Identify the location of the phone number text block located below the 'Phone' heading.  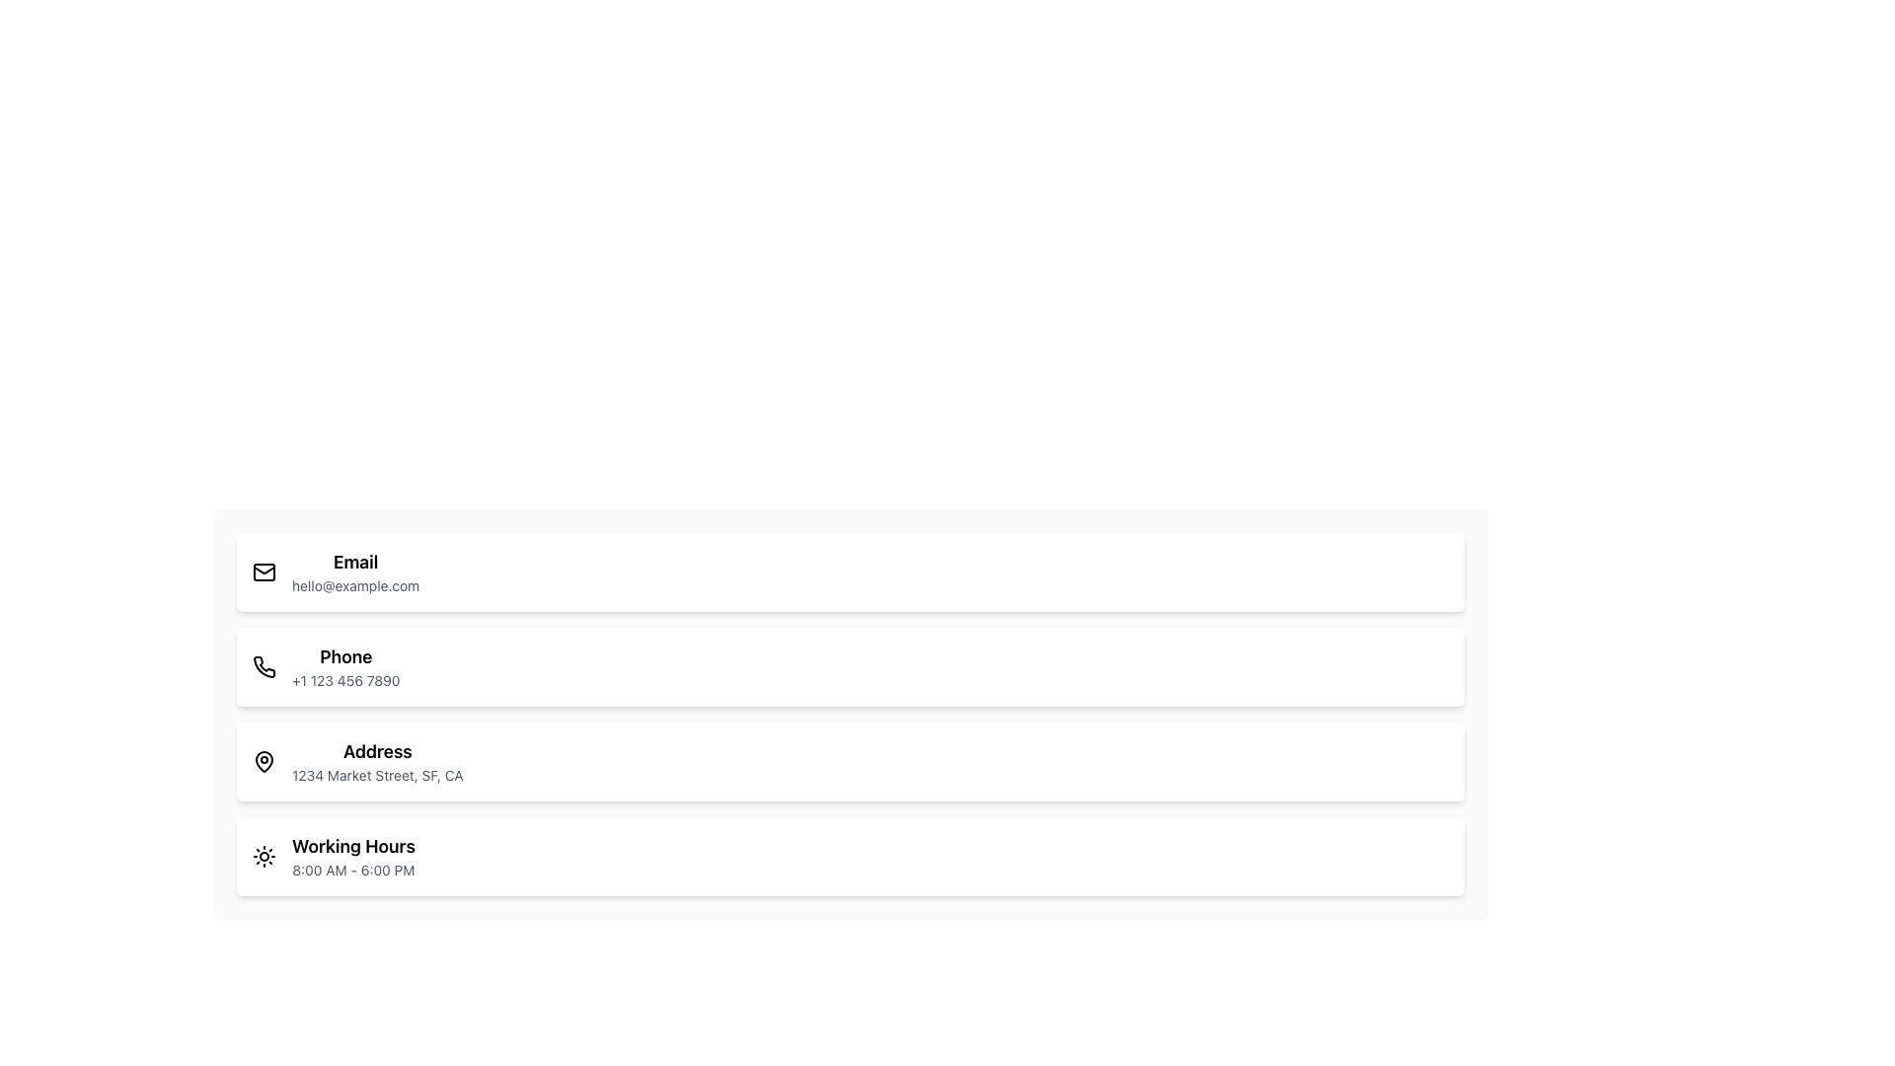
(345, 680).